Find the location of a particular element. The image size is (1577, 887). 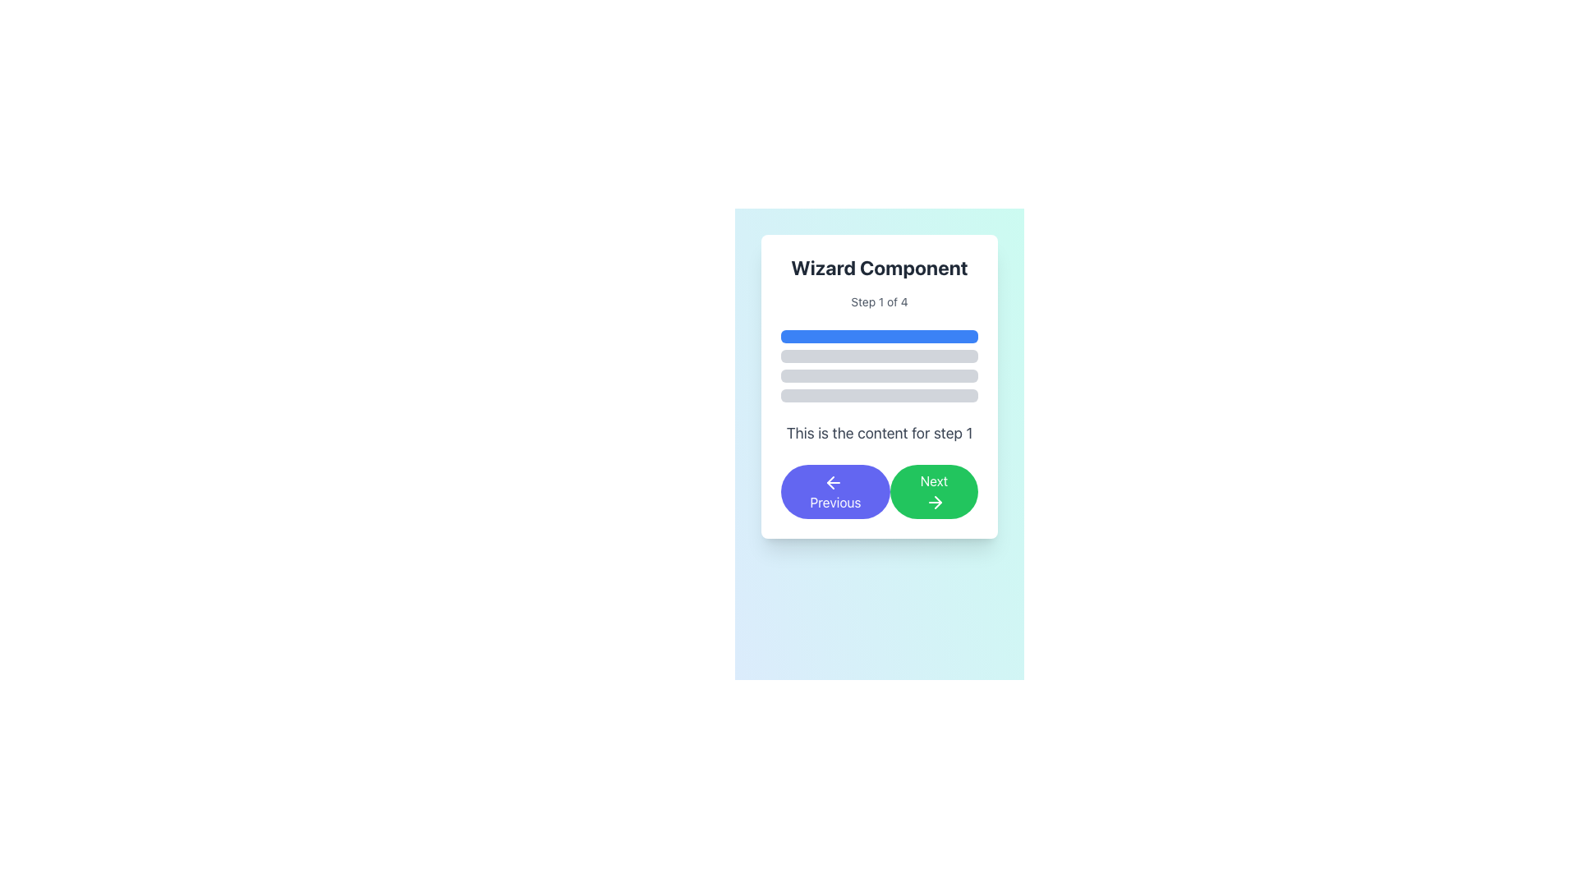

the progress bar or step indicator group located in the 'Wizard Component', positioned below 'Step 1 of 4' and above the description text 'This is the content for step 1' is located at coordinates (878, 365).